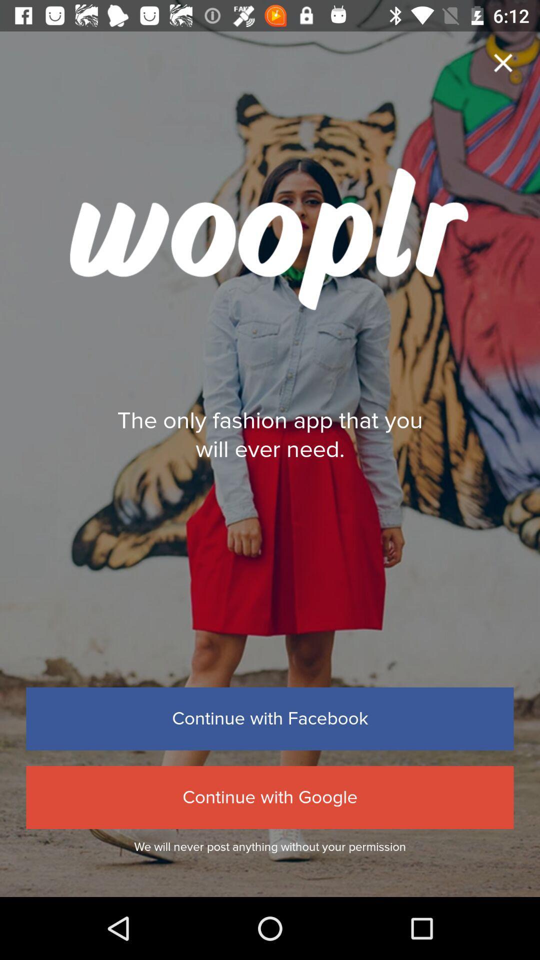  What do you see at coordinates (503, 62) in the screenshot?
I see `the close icon` at bounding box center [503, 62].